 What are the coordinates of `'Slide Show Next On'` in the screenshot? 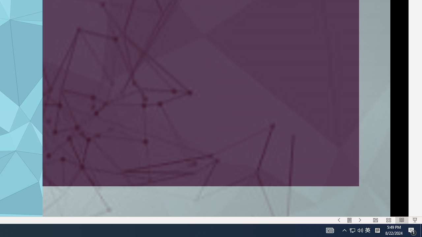 It's located at (360, 220).